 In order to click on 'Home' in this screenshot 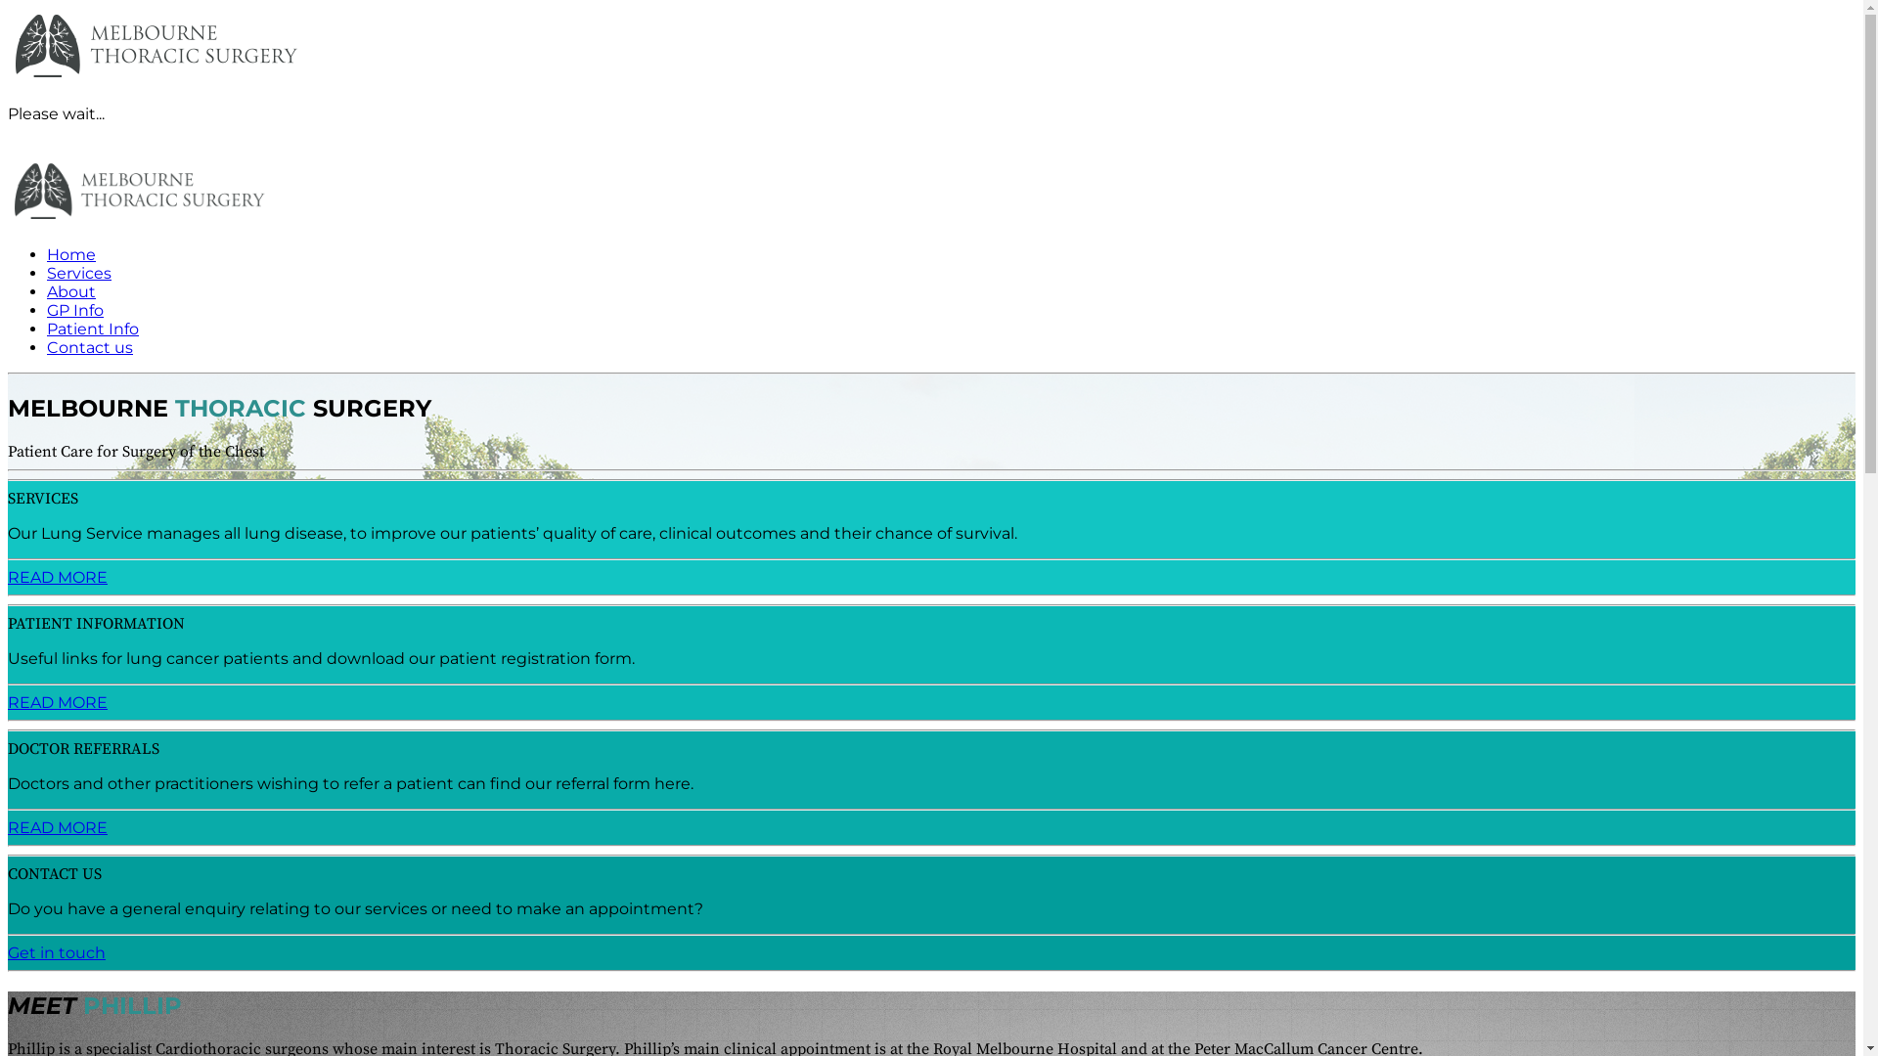, I will do `click(70, 253)`.